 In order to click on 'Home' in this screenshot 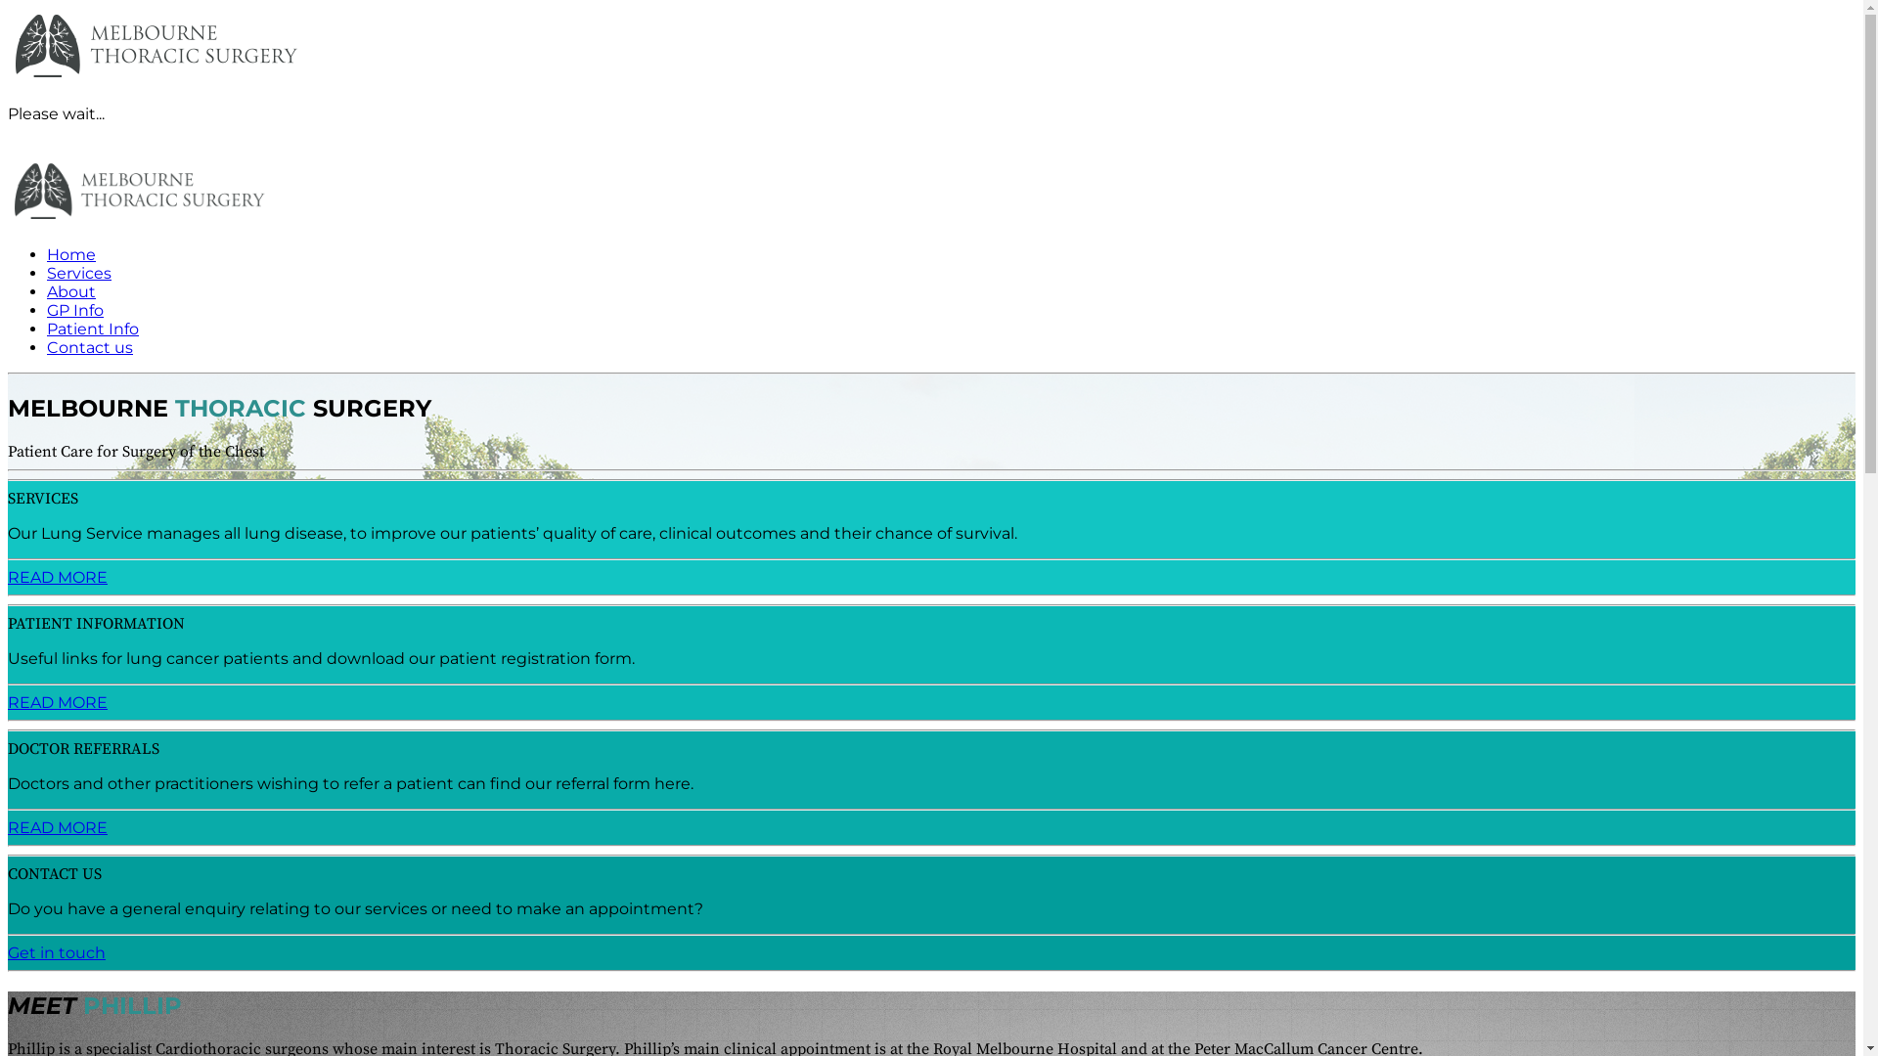, I will do `click(70, 253)`.